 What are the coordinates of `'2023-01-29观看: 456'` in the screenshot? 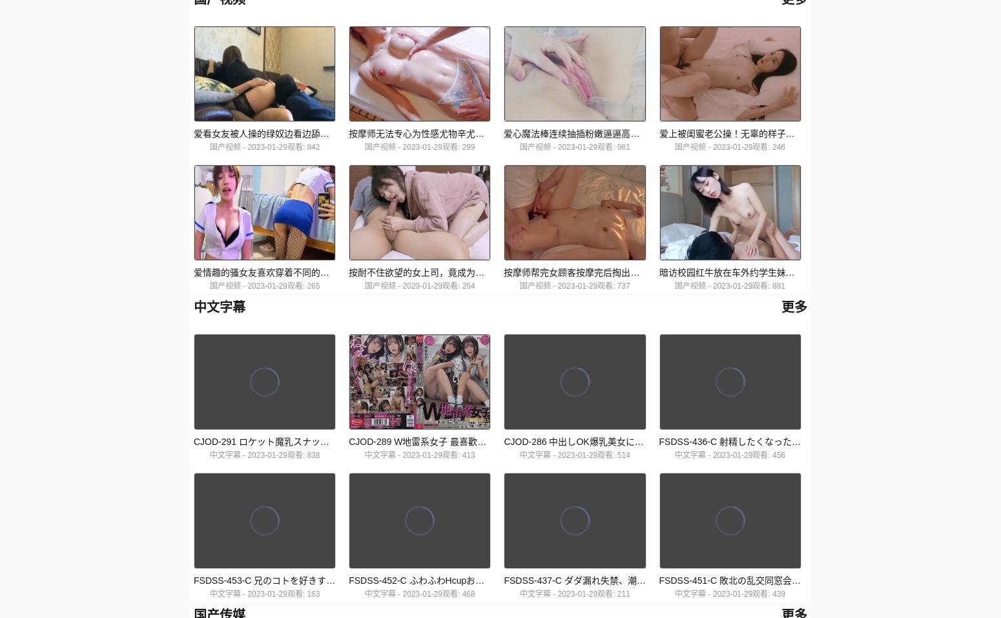 It's located at (748, 455).